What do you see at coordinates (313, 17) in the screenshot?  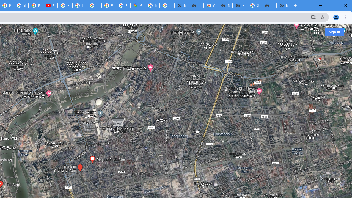 I see `'Install Google Maps'` at bounding box center [313, 17].